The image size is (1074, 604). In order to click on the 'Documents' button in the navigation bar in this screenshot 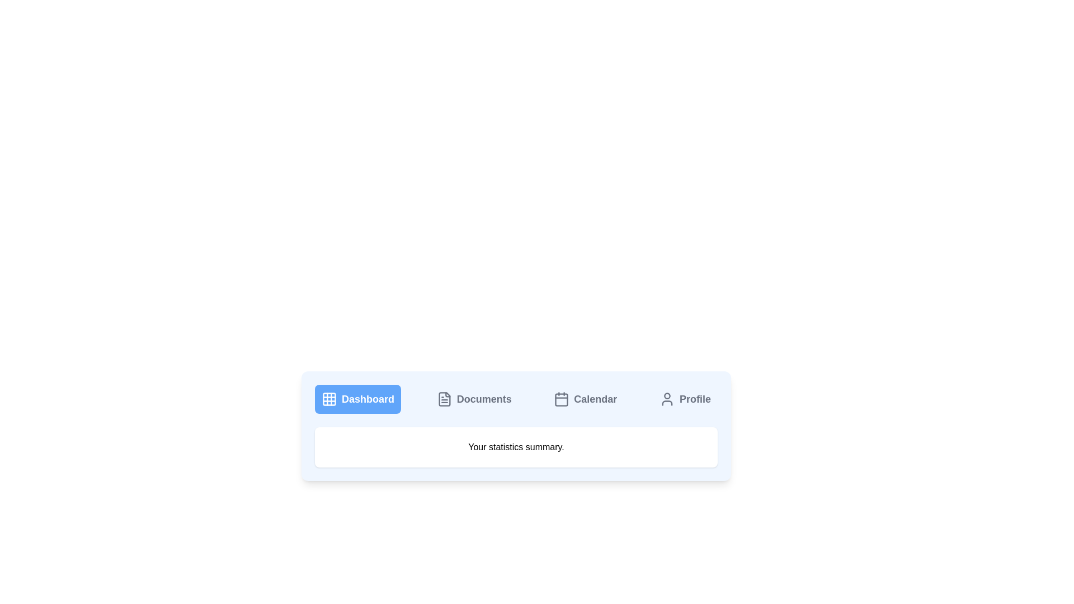, I will do `click(474, 398)`.